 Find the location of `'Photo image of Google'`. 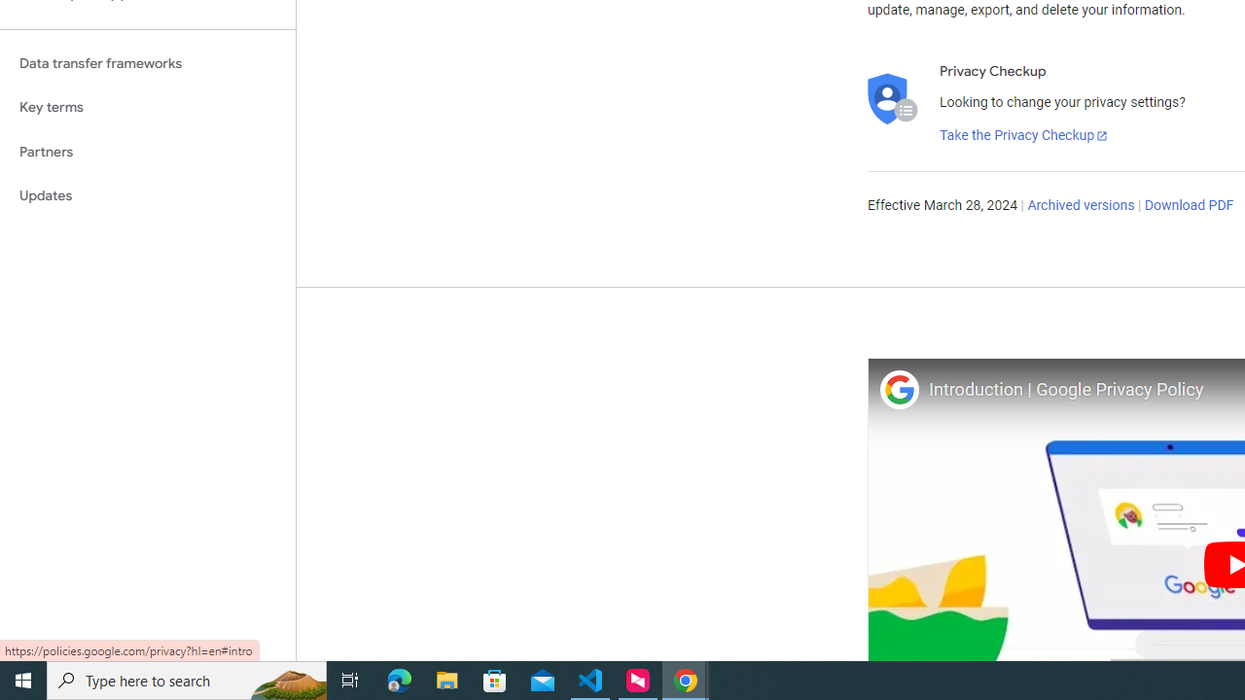

'Photo image of Google' is located at coordinates (898, 389).